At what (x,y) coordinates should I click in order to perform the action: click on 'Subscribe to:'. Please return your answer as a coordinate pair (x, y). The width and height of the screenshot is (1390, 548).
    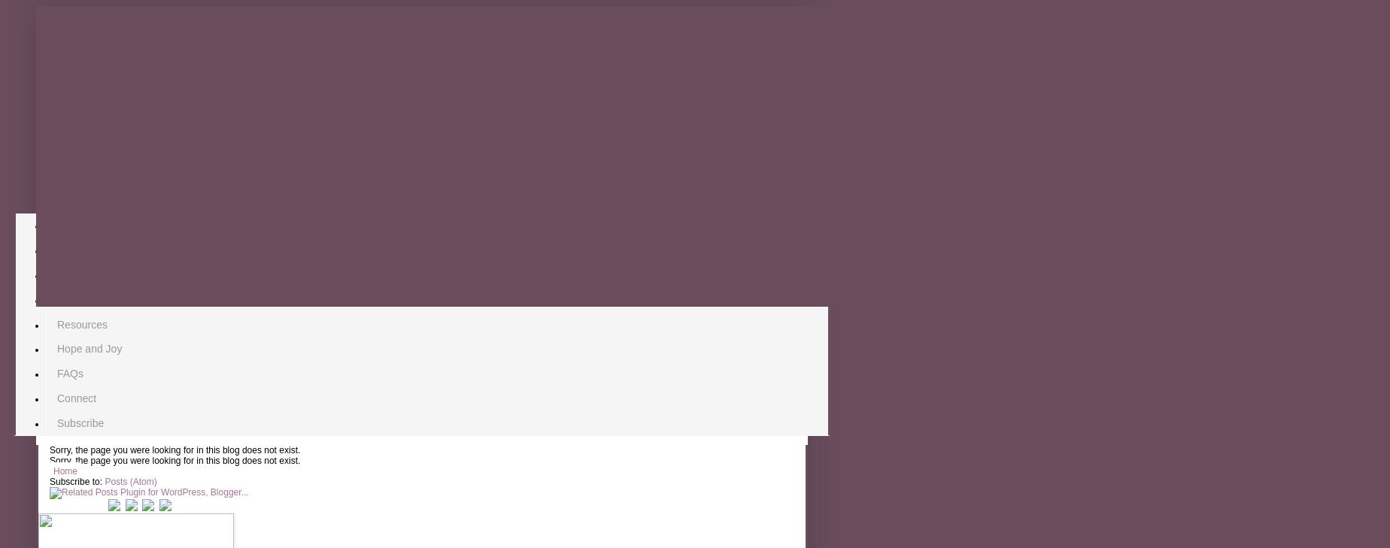
    Looking at the image, I should click on (77, 482).